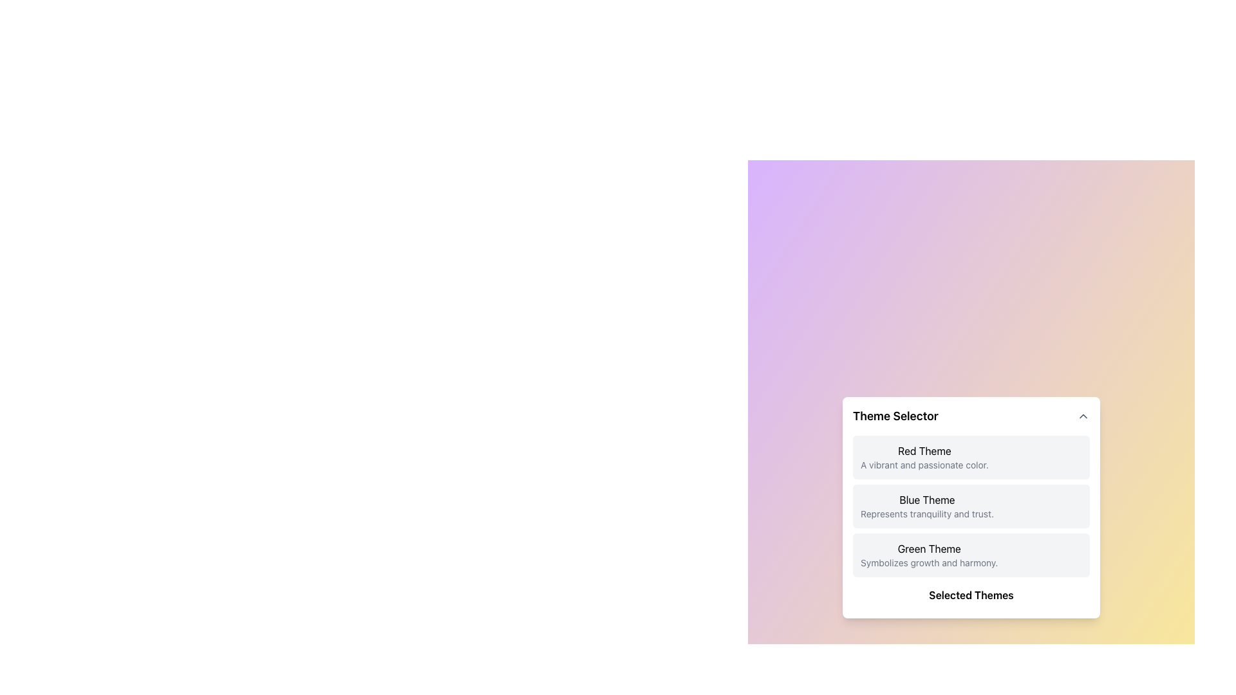  Describe the element at coordinates (971, 507) in the screenshot. I see `the 'Blue Theme' card in the theme selector menu` at that location.